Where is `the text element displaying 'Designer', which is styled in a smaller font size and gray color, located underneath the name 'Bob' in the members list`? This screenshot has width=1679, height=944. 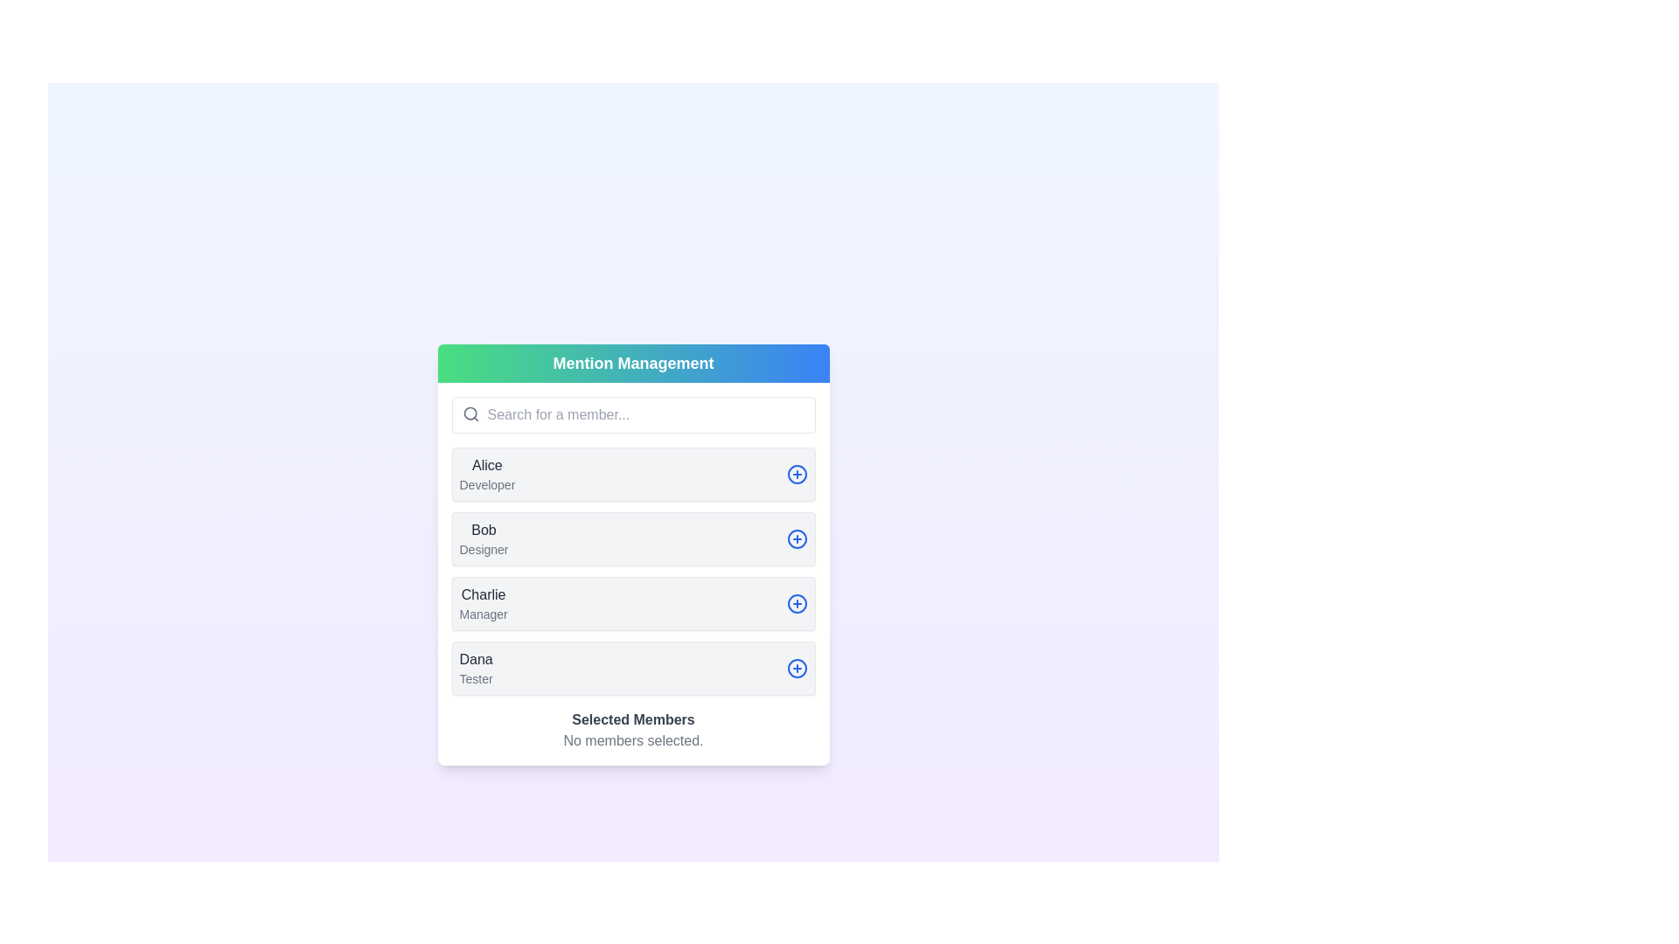
the text element displaying 'Designer', which is styled in a smaller font size and gray color, located underneath the name 'Bob' in the members list is located at coordinates (484, 548).